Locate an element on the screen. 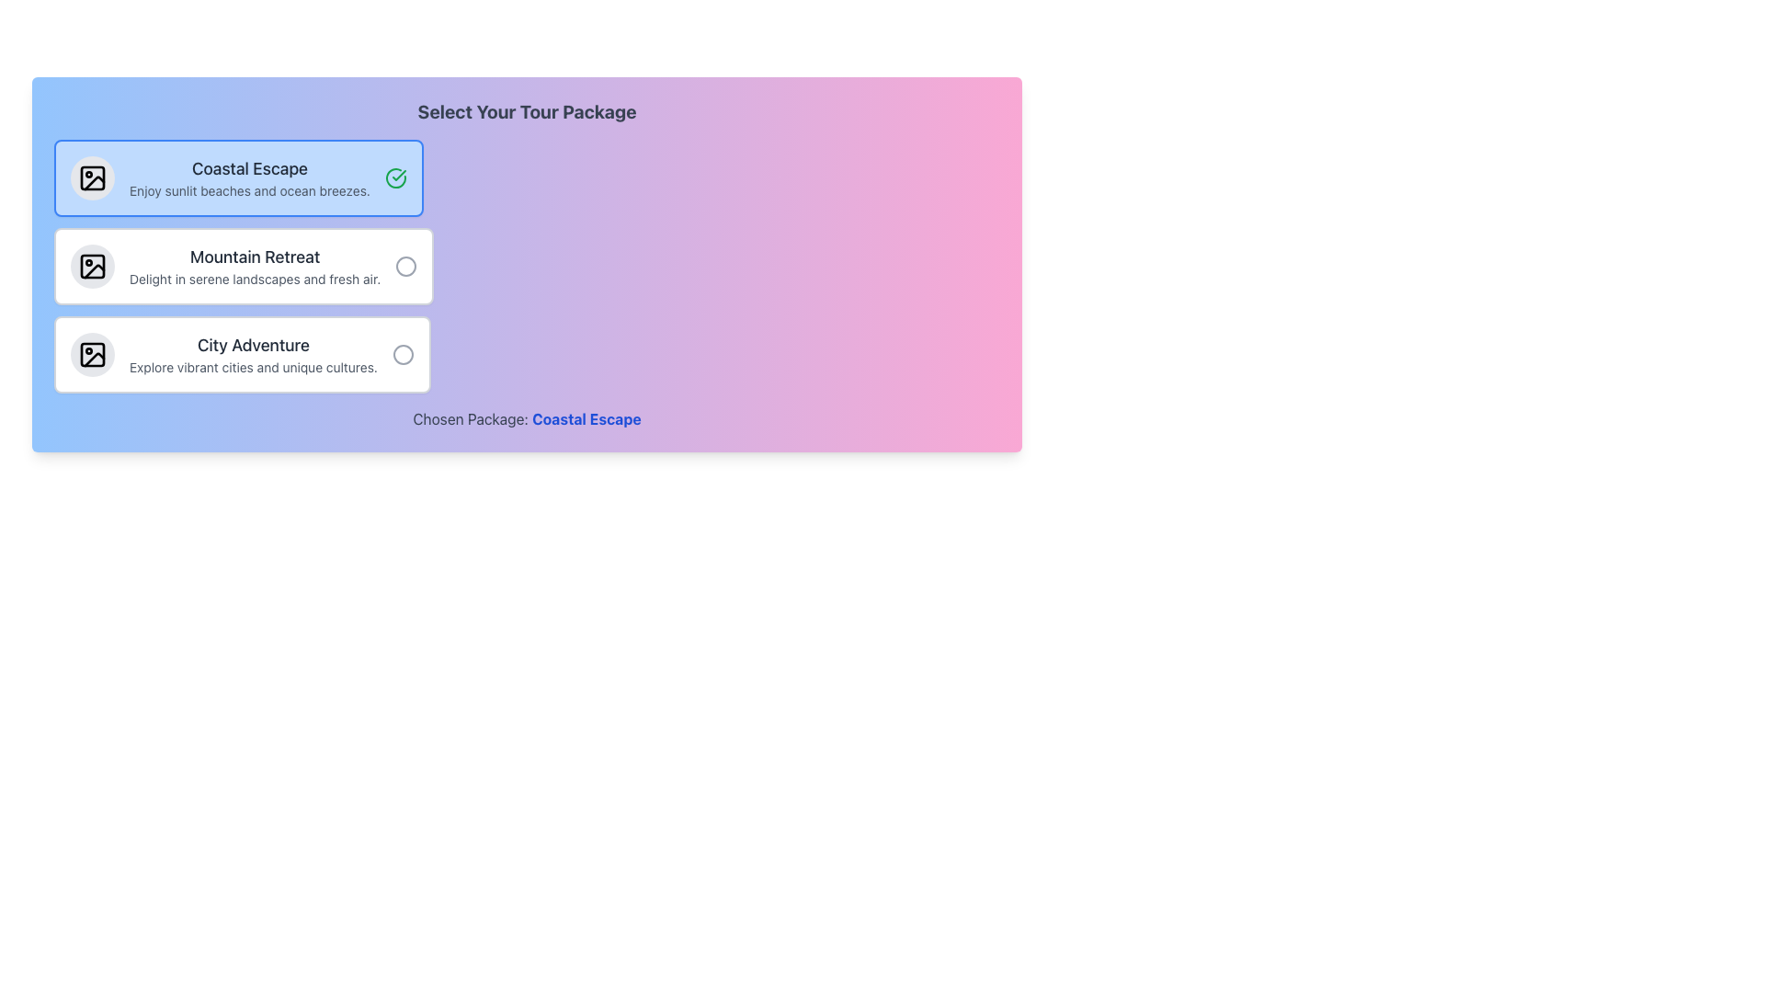 The height and width of the screenshot is (993, 1765). the descriptive text that reads 'Enjoy sunlit beaches and ocean breezes,' which is styled in a smaller font size and lighter gray color, positioned below the title 'Coastal Escape.' is located at coordinates (248, 191).